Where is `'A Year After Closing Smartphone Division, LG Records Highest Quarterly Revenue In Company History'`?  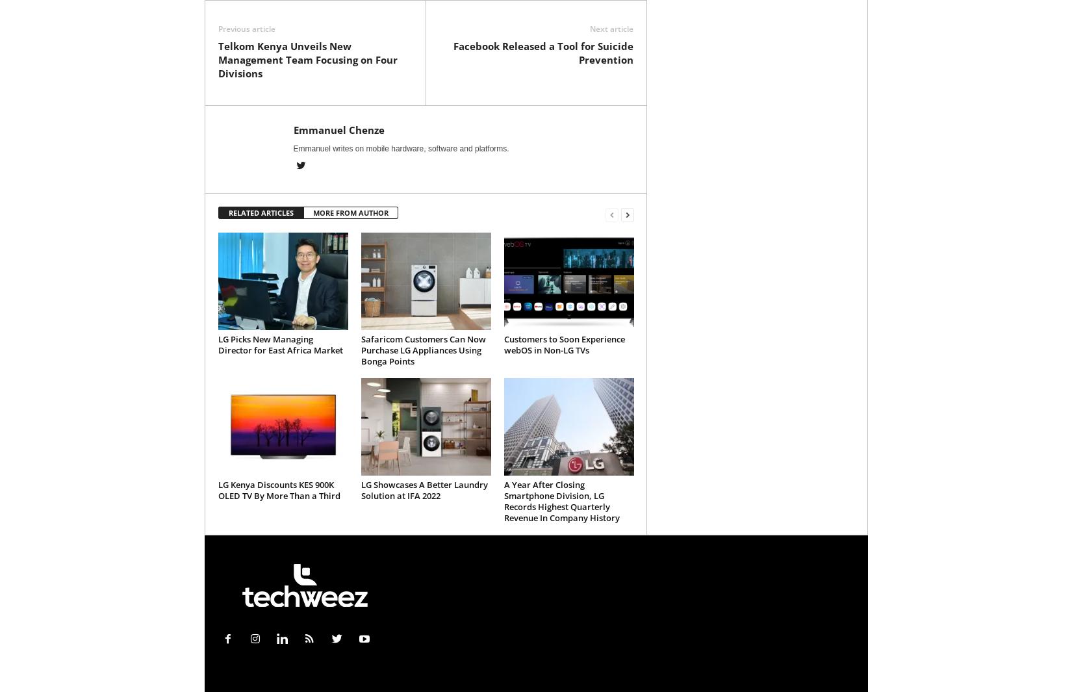 'A Year After Closing Smartphone Division, LG Records Highest Quarterly Revenue In Company History' is located at coordinates (561, 501).